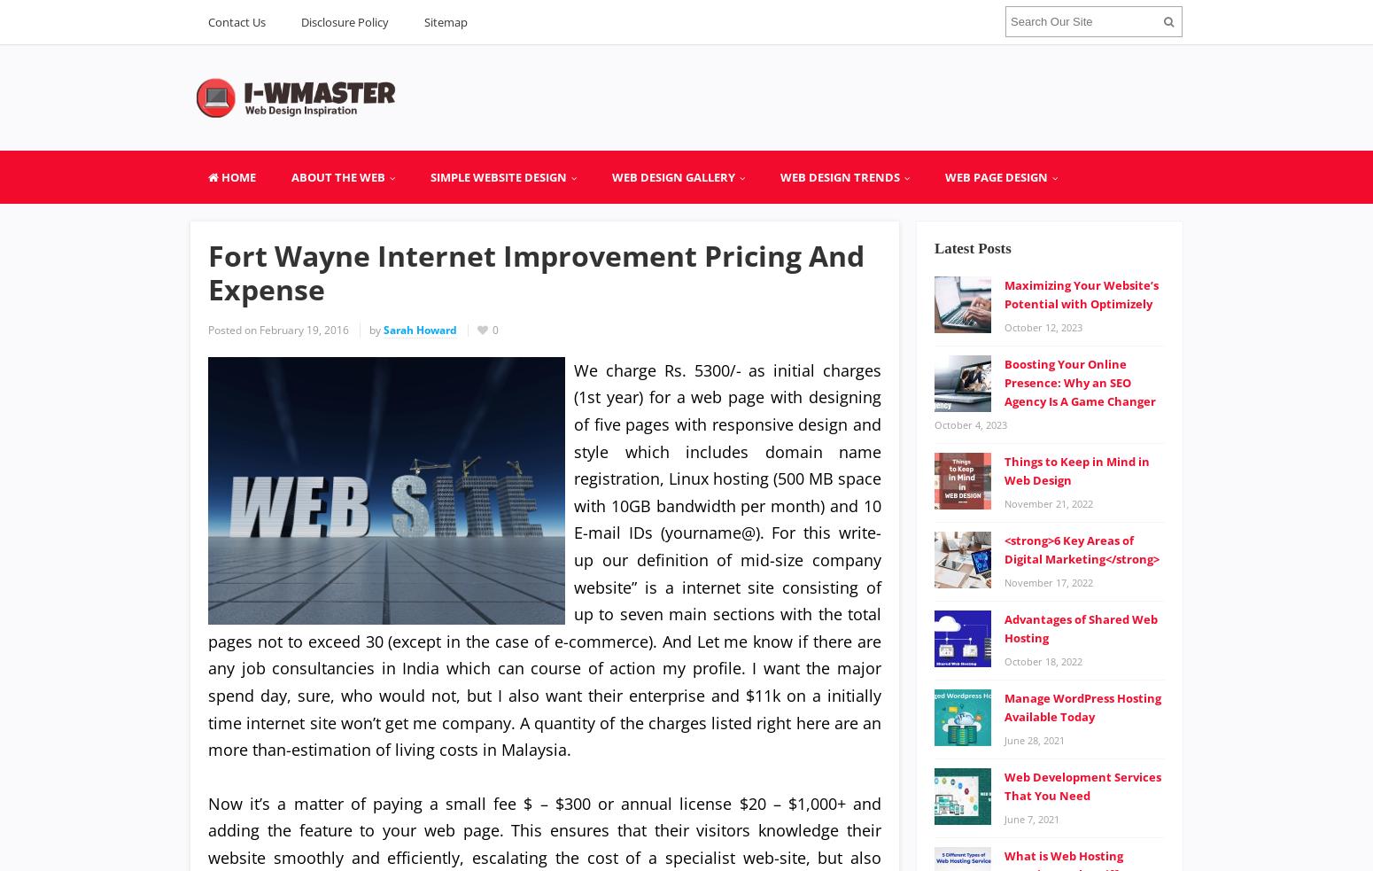 The height and width of the screenshot is (871, 1373). I want to click on '0', so click(495, 328).